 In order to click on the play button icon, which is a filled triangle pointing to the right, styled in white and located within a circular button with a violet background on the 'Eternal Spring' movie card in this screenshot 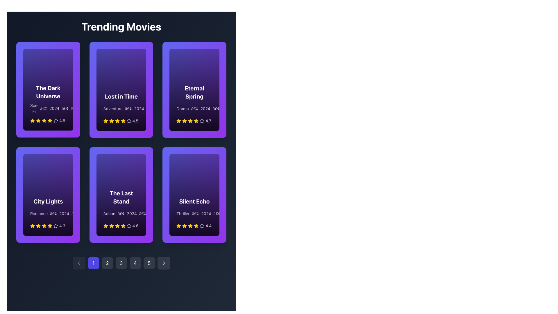, I will do `click(216, 54)`.